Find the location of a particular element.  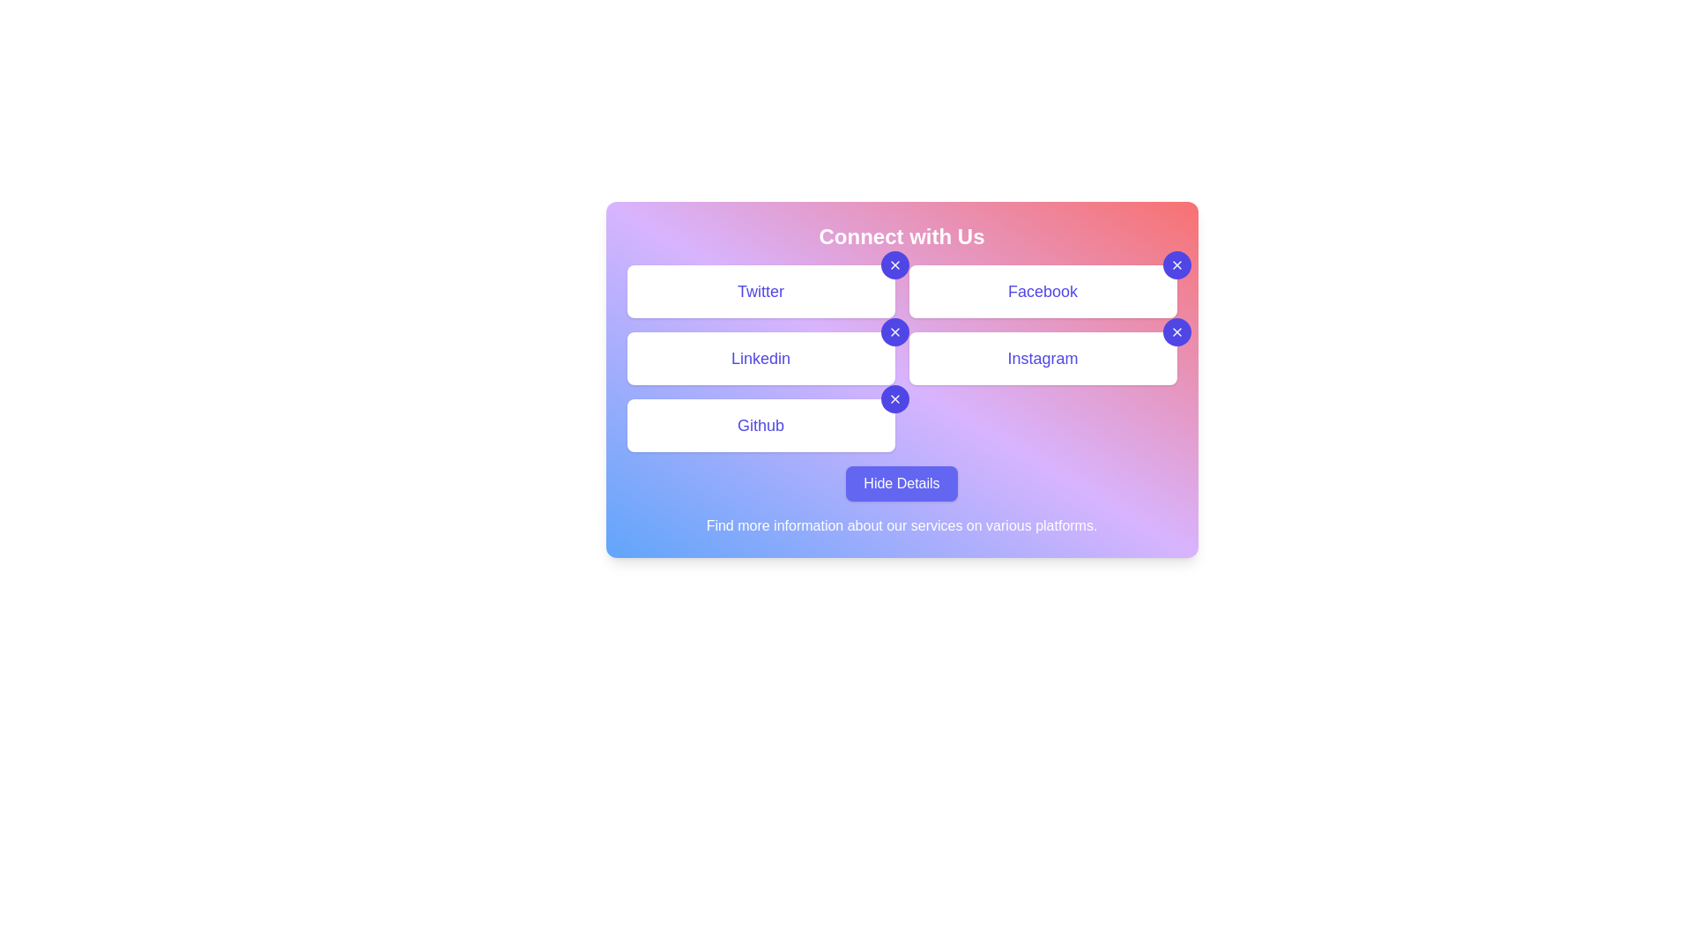

the Close Button located at the top-right corner of the Facebook section is located at coordinates (1176, 264).